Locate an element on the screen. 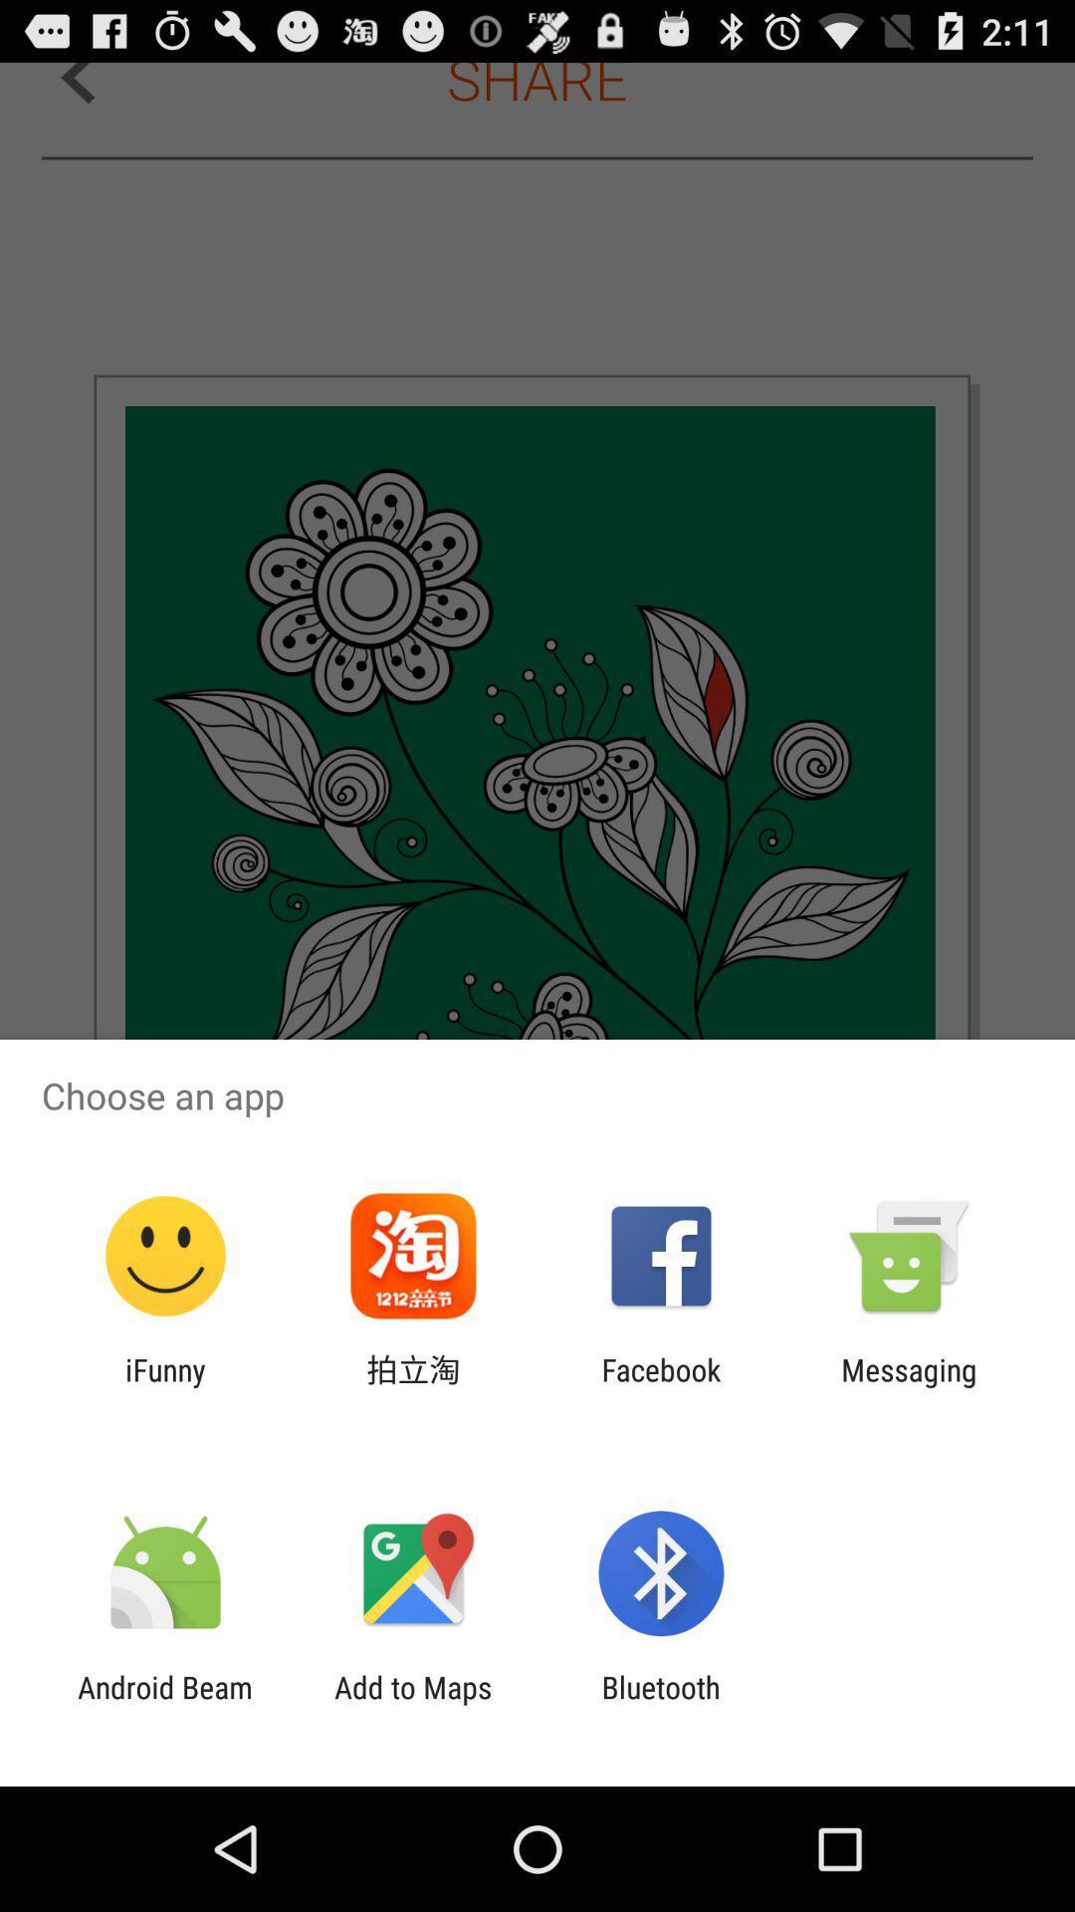 This screenshot has width=1075, height=1912. android beam is located at coordinates (164, 1704).